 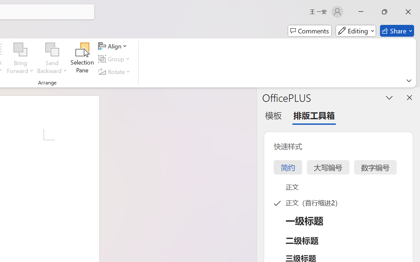 What do you see at coordinates (20, 49) in the screenshot?
I see `'Bring Forward'` at bounding box center [20, 49].